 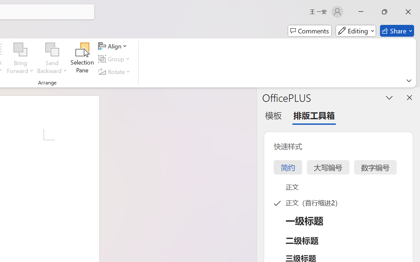 What do you see at coordinates (20, 49) in the screenshot?
I see `'Bring Forward'` at bounding box center [20, 49].